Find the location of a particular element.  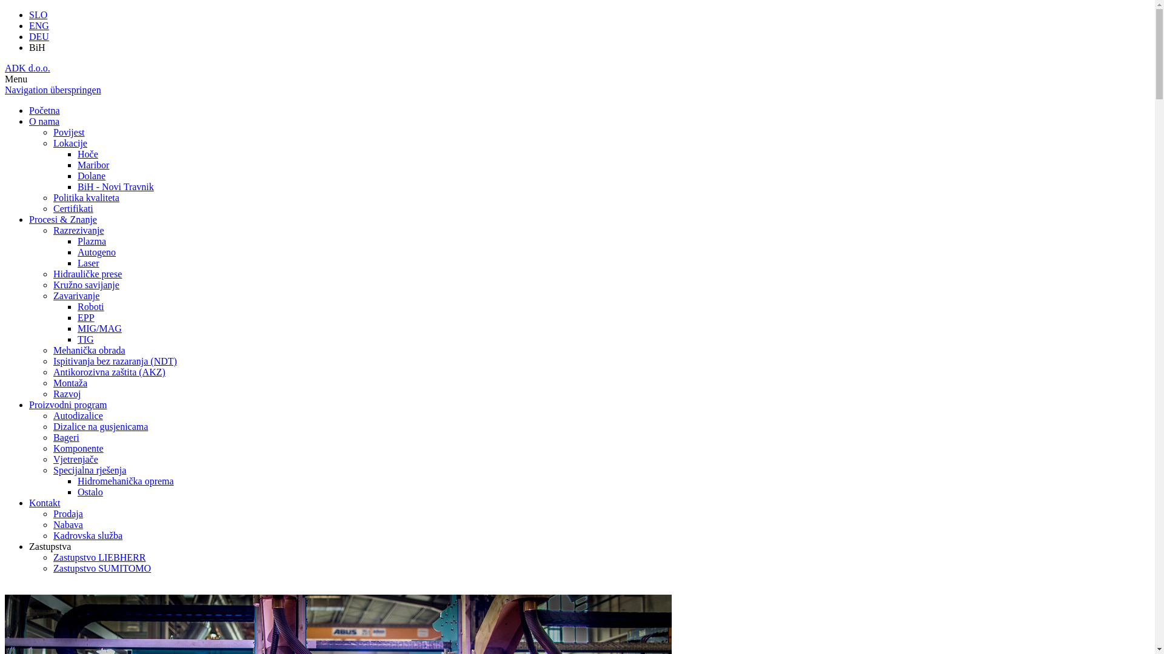

'EPP' is located at coordinates (85, 317).